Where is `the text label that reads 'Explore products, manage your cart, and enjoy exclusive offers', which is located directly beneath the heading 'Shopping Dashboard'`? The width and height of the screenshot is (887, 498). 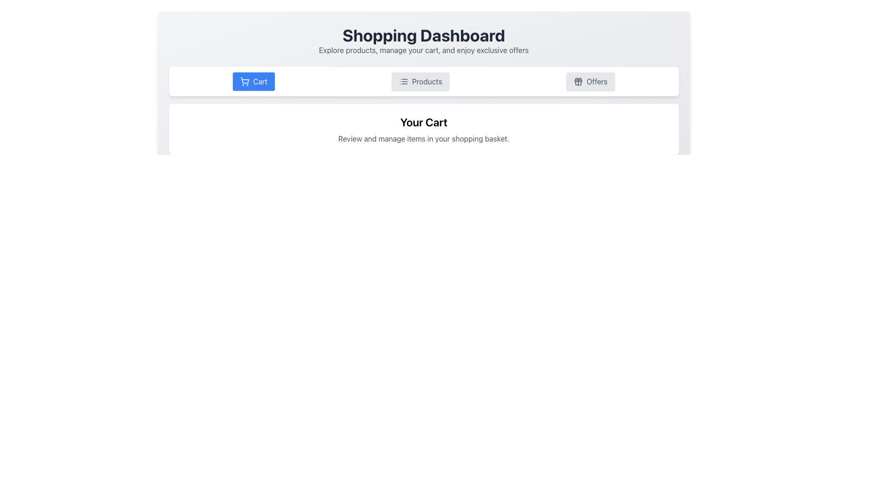 the text label that reads 'Explore products, manage your cart, and enjoy exclusive offers', which is located directly beneath the heading 'Shopping Dashboard' is located at coordinates (423, 50).